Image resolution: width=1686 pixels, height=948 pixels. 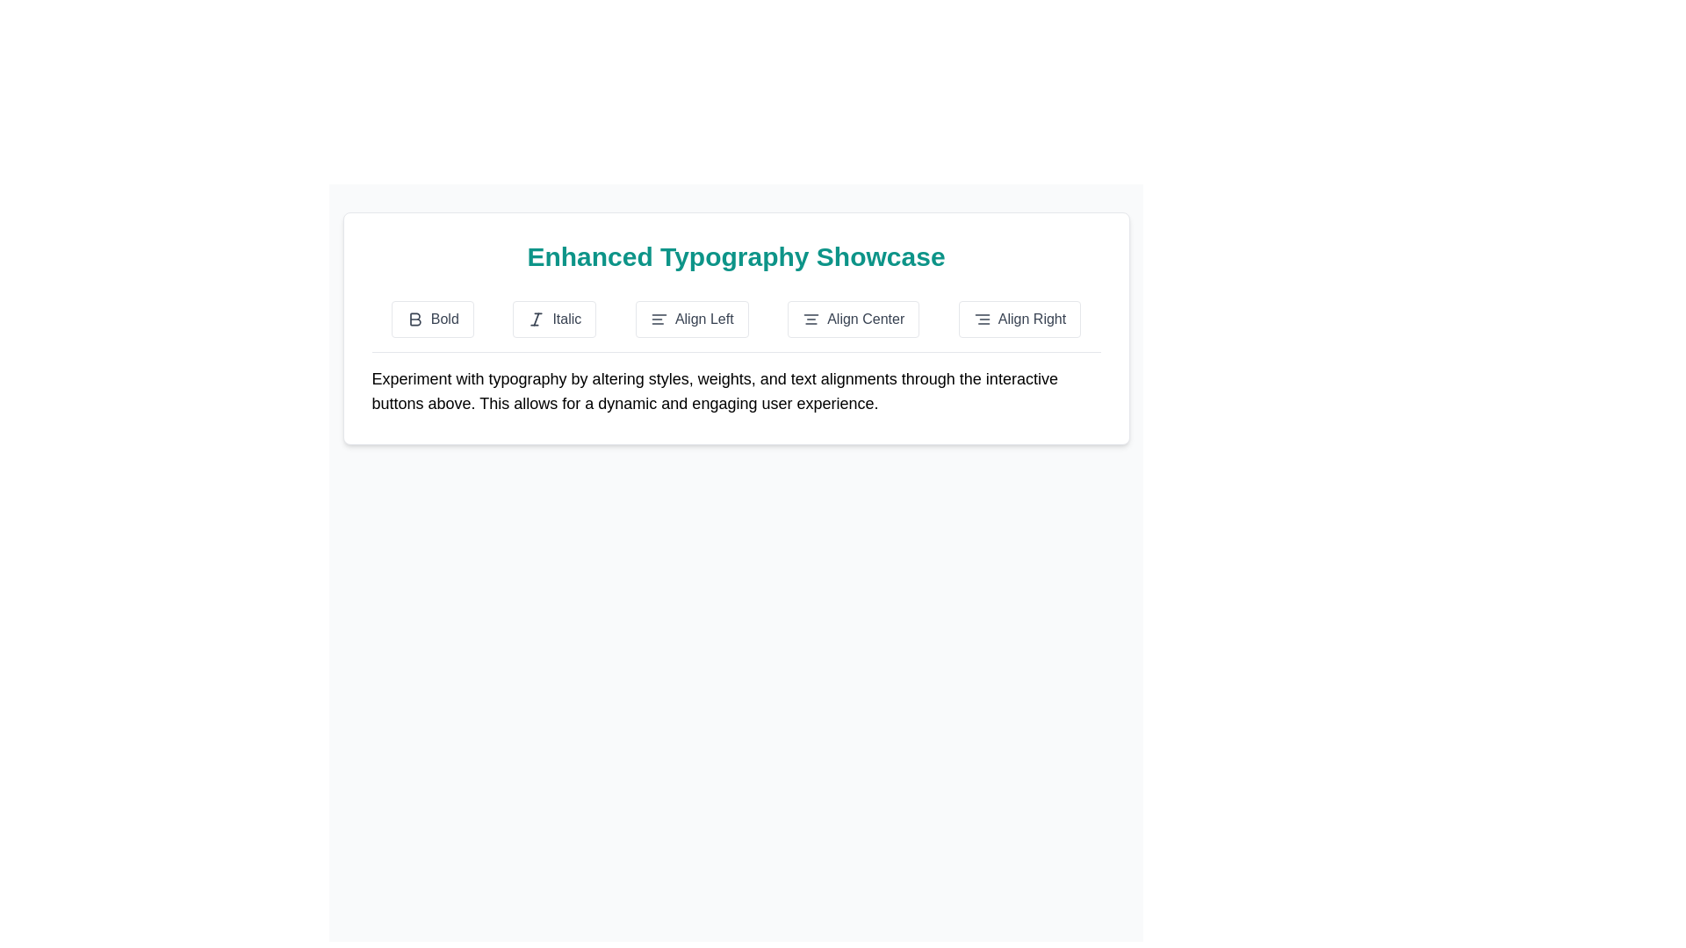 What do you see at coordinates (811, 319) in the screenshot?
I see `the minimalistic 'Align Center' icon, which is represented by three horizontal lines with the middle line being shorter` at bounding box center [811, 319].